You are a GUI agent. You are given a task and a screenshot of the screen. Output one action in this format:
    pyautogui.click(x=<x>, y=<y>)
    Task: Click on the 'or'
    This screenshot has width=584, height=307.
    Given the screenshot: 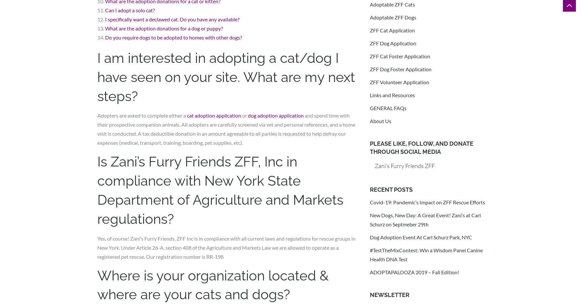 What is the action you would take?
    pyautogui.click(x=244, y=115)
    